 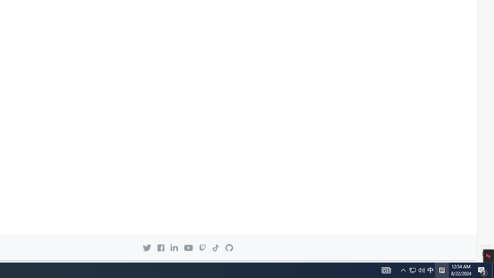 What do you see at coordinates (174, 247) in the screenshot?
I see `'Linkedin icon GitHub on LinkedIn'` at bounding box center [174, 247].